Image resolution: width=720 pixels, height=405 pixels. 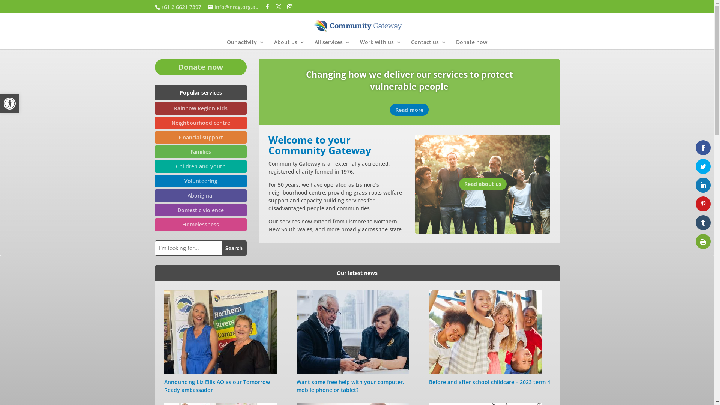 What do you see at coordinates (9, 103) in the screenshot?
I see `'Open toolbar` at bounding box center [9, 103].